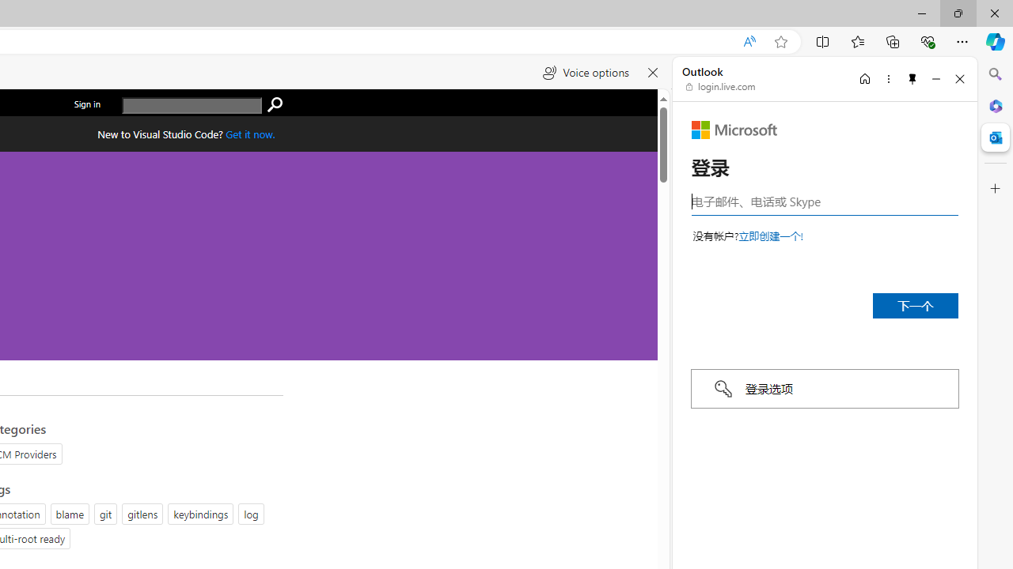 This screenshot has height=569, width=1013. I want to click on 'Get Visual Studio Code Now', so click(249, 133).